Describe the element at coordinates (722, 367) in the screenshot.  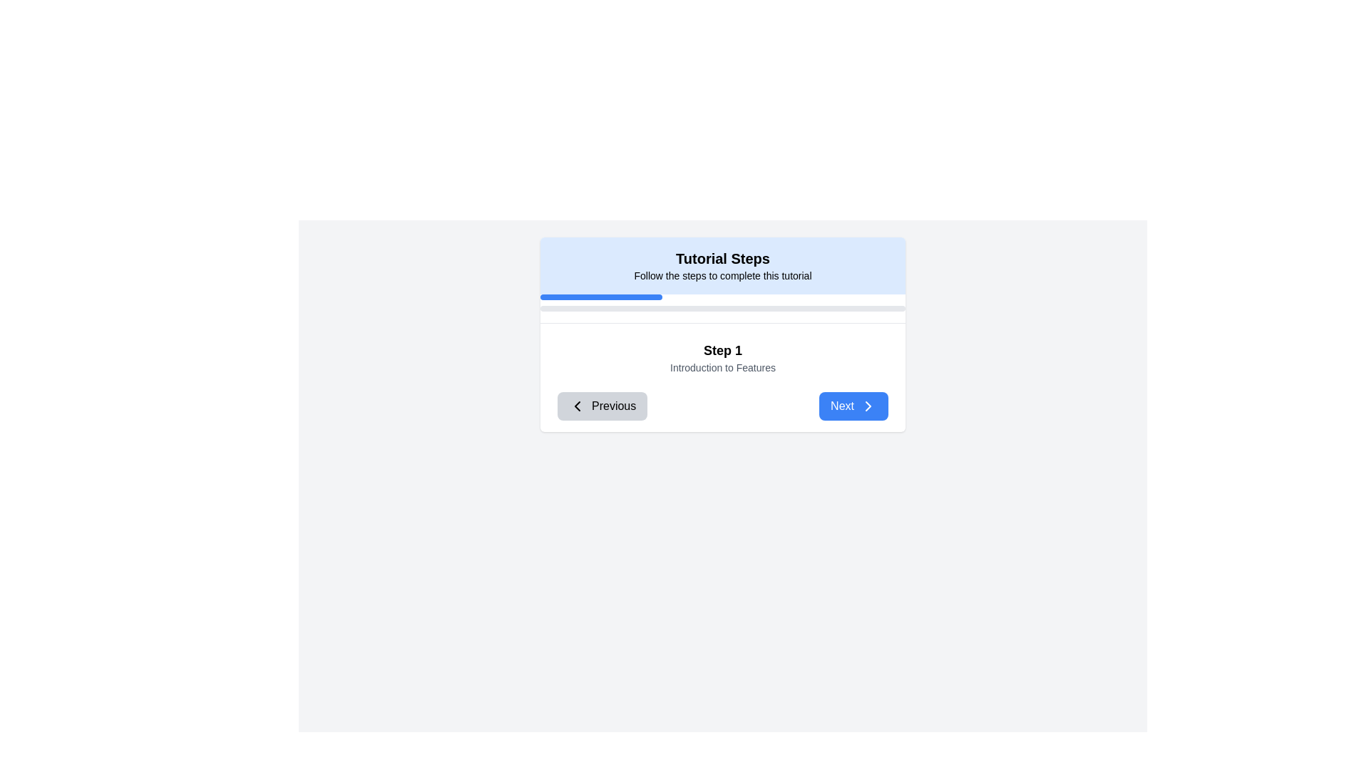
I see `the text element displaying 'Introduction to Features', which is located below the 'Step 1' heading in the 'Tutorial Steps' panel` at that location.